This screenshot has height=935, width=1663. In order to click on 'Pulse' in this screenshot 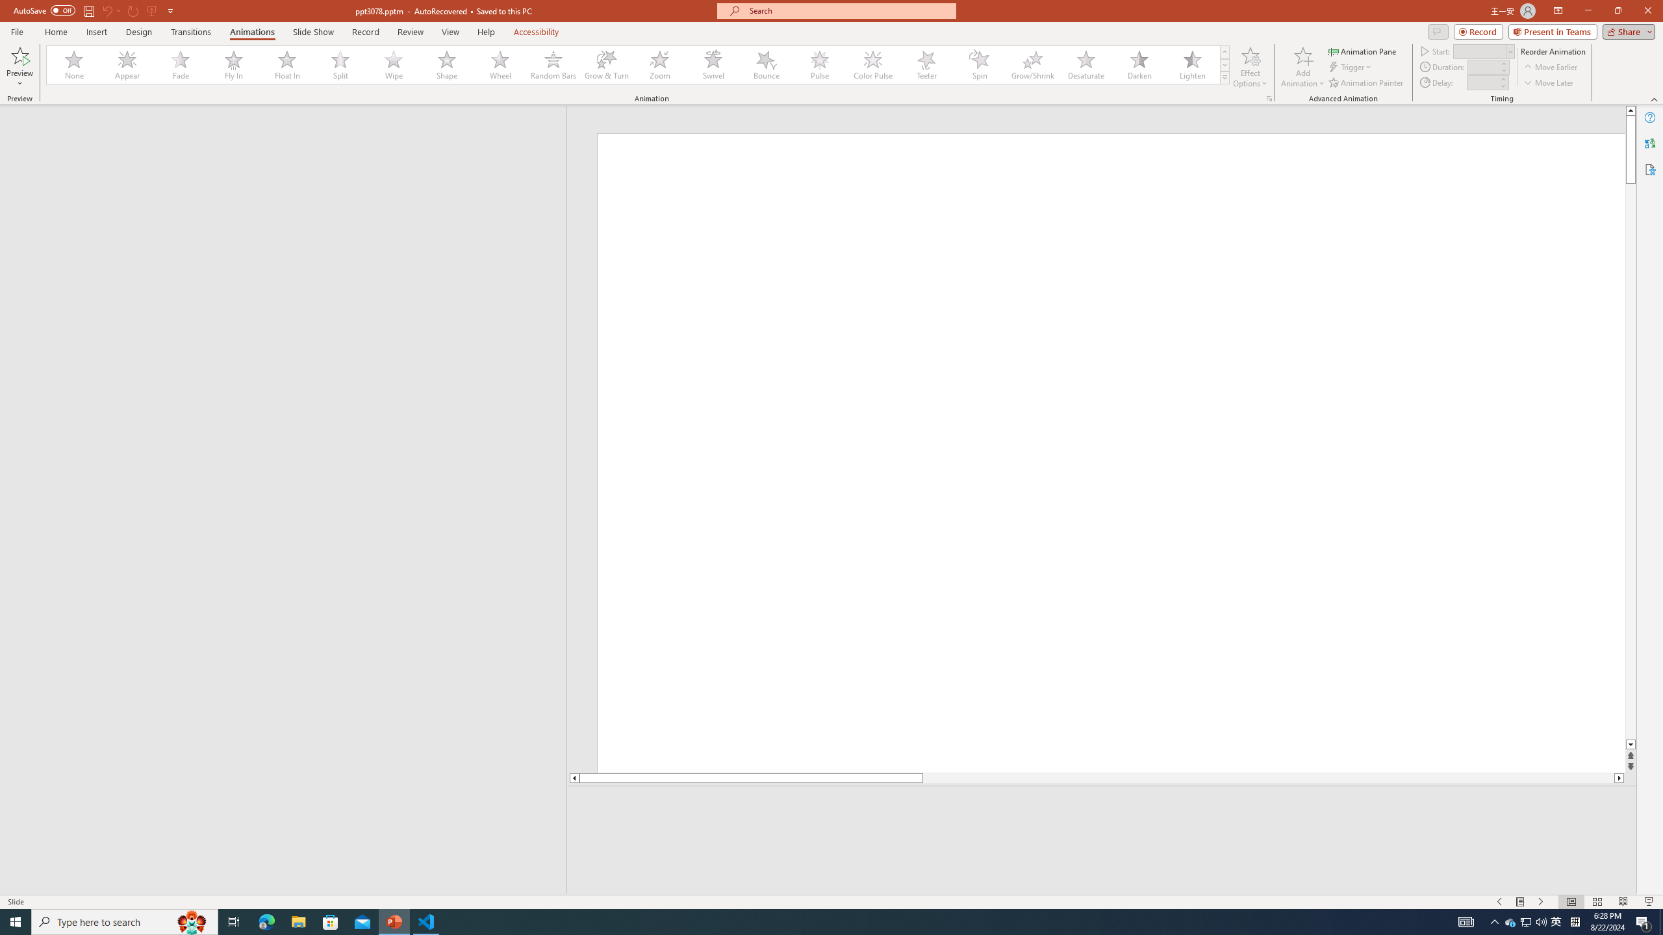, I will do `click(819, 64)`.